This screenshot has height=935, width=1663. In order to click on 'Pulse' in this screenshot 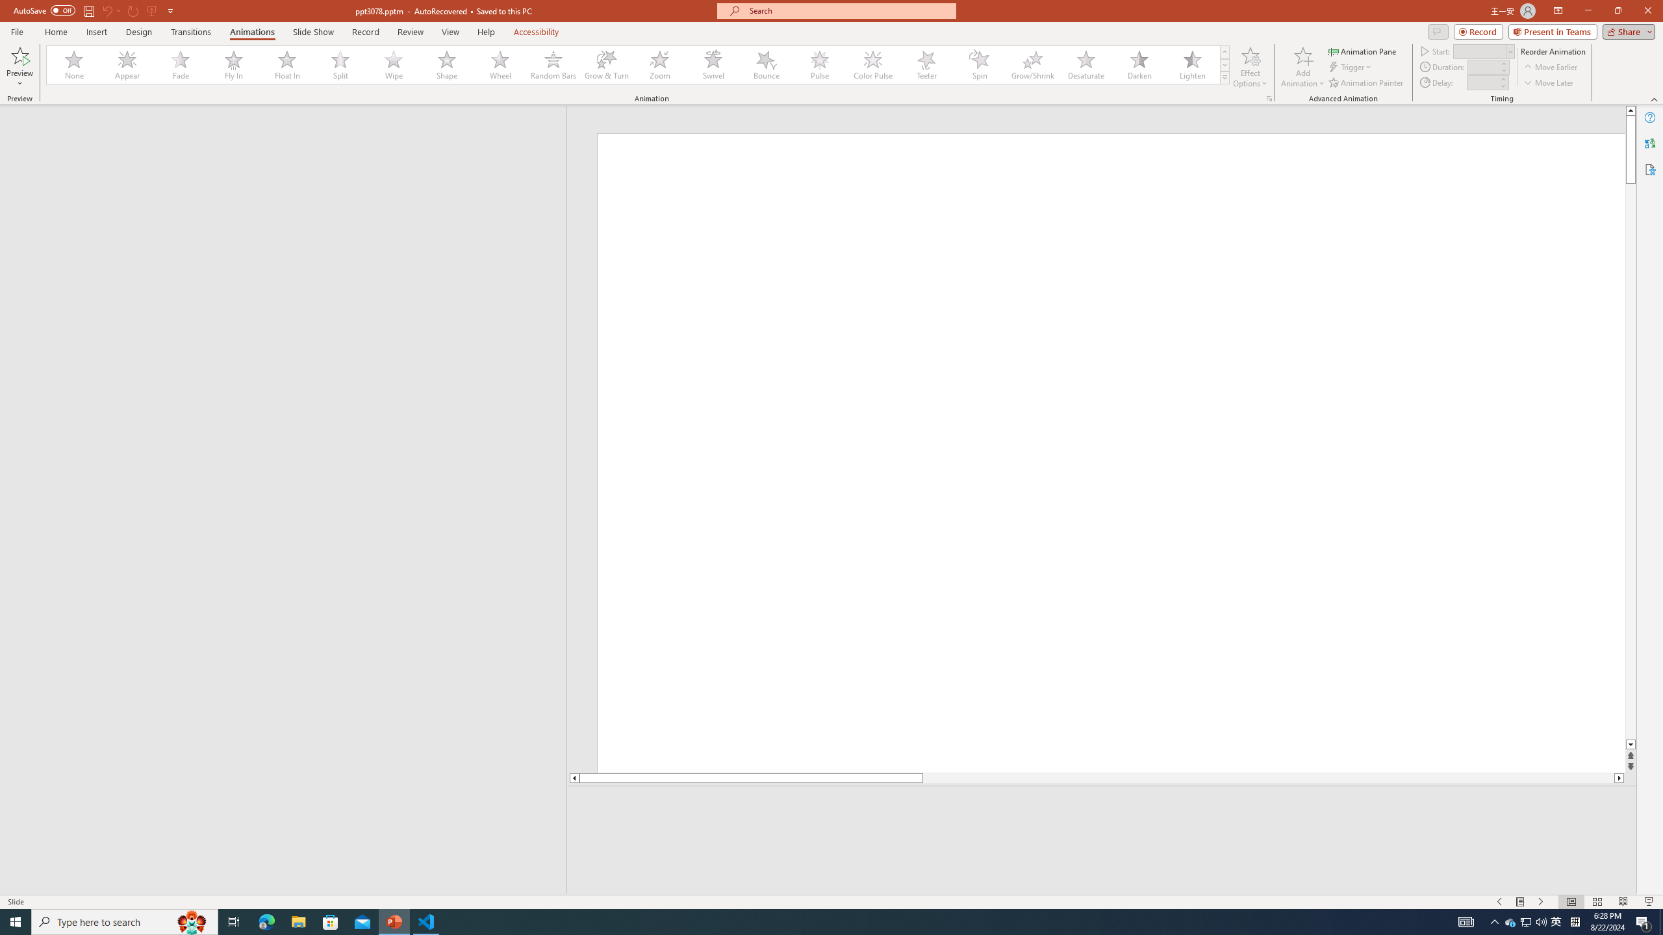, I will do `click(819, 64)`.